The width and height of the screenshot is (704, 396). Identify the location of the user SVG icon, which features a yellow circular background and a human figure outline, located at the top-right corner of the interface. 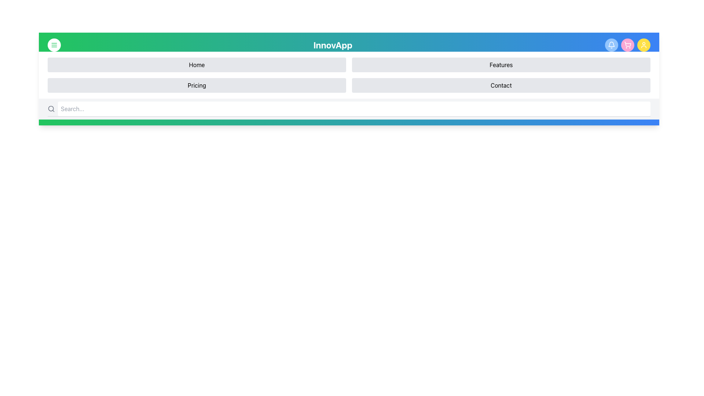
(643, 45).